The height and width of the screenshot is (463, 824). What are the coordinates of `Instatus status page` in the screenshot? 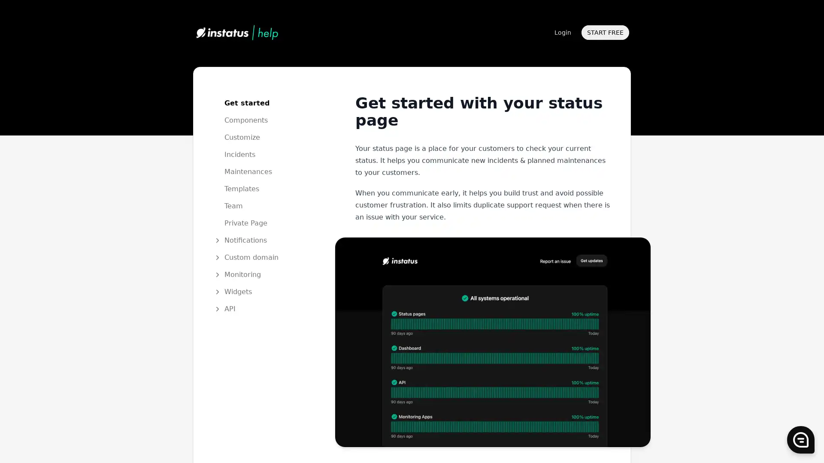 It's located at (492, 341).